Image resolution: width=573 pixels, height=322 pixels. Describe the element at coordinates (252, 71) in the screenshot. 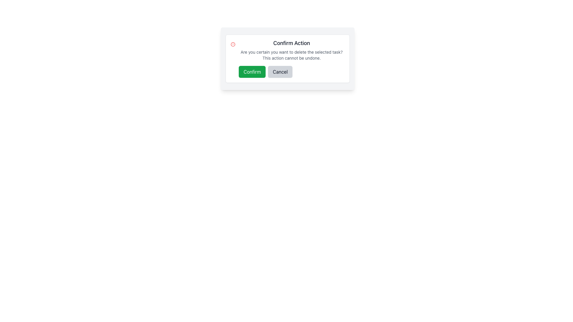

I see `the confirm button located at the bottom left of the modal dialog for keyboard navigation` at that location.